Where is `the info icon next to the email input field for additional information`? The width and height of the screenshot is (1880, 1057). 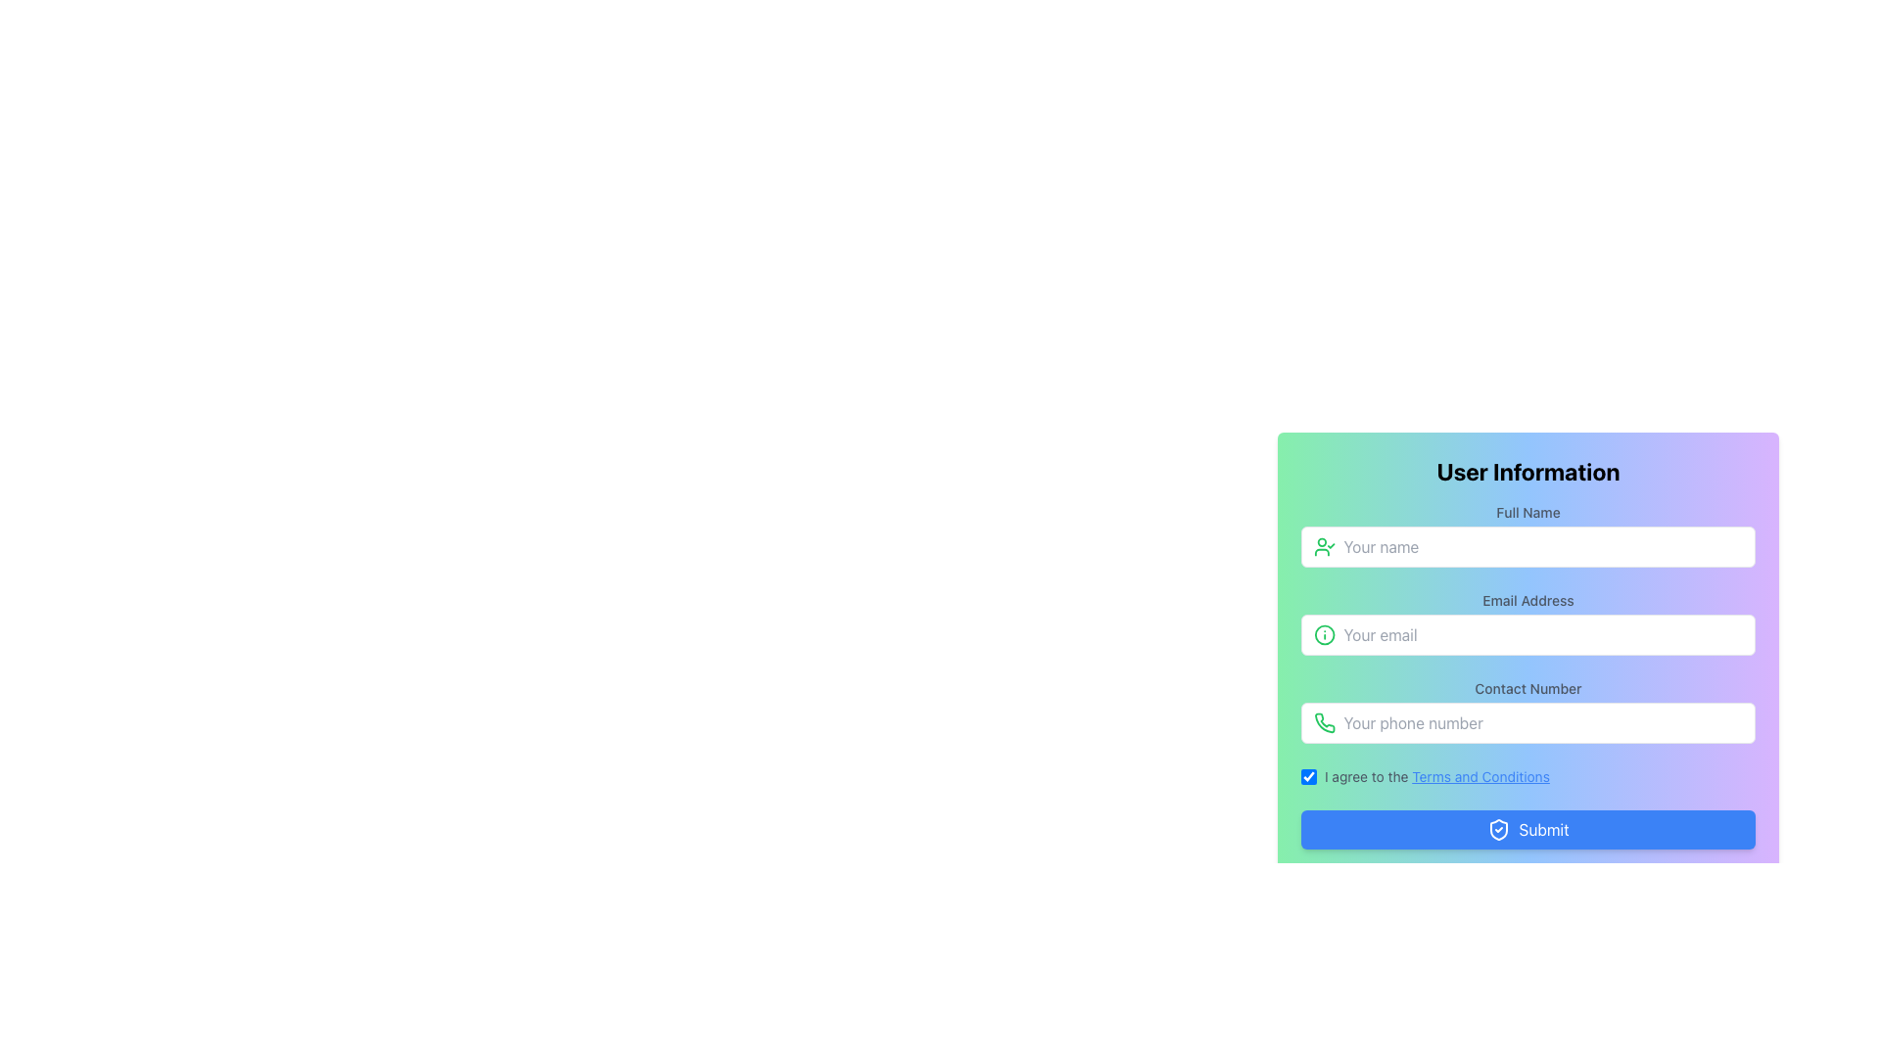
the info icon next to the email input field for additional information is located at coordinates (1527, 622).